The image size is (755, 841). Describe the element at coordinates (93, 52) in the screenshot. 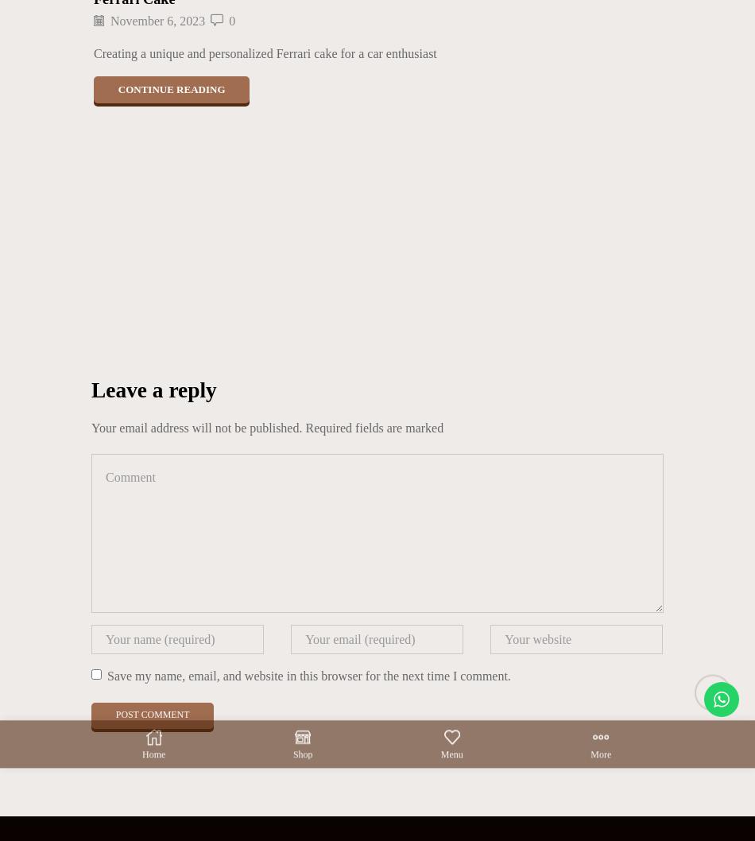

I see `'Creating a unique and personalized Ferrari cake for a car enthusiast'` at that location.